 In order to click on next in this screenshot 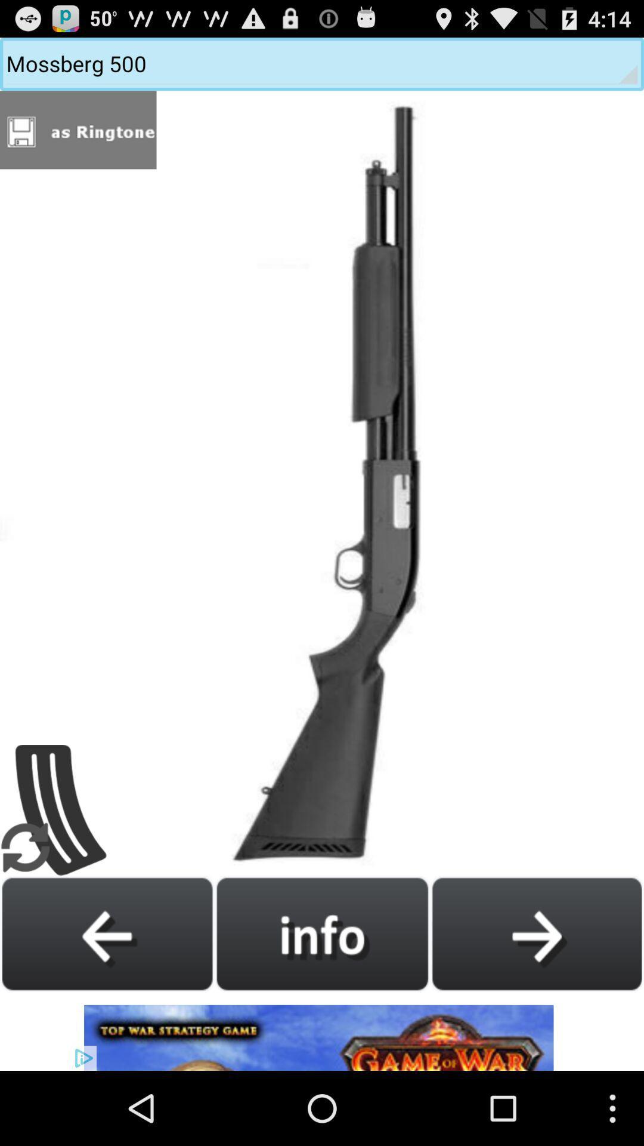, I will do `click(537, 933)`.